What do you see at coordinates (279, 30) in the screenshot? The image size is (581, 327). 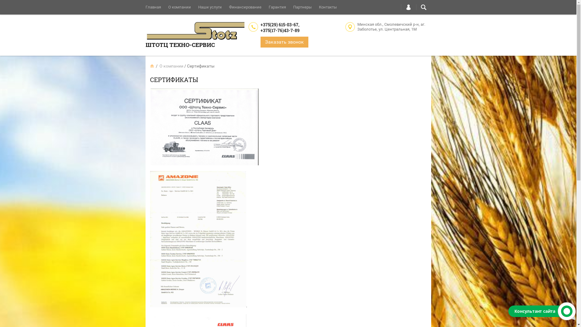 I see `'+375(17-76)43-7-89'` at bounding box center [279, 30].